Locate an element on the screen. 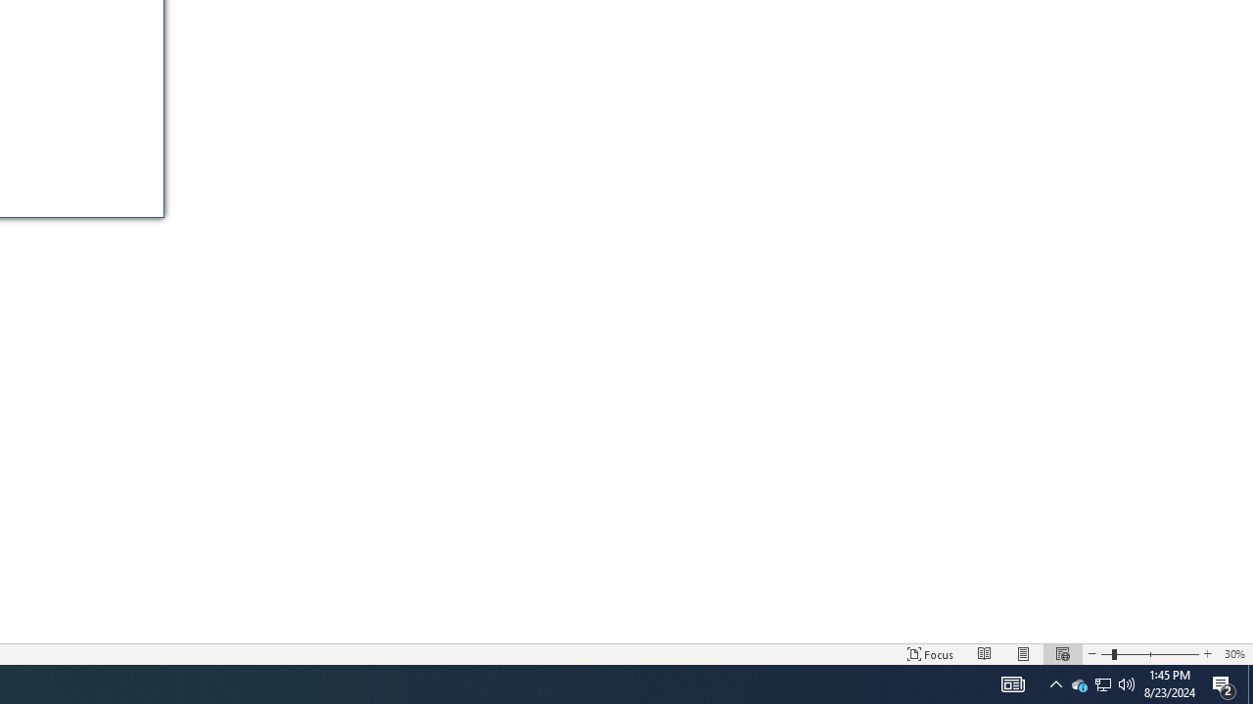 The width and height of the screenshot is (1253, 704). 'Zoom Out' is located at coordinates (1106, 654).